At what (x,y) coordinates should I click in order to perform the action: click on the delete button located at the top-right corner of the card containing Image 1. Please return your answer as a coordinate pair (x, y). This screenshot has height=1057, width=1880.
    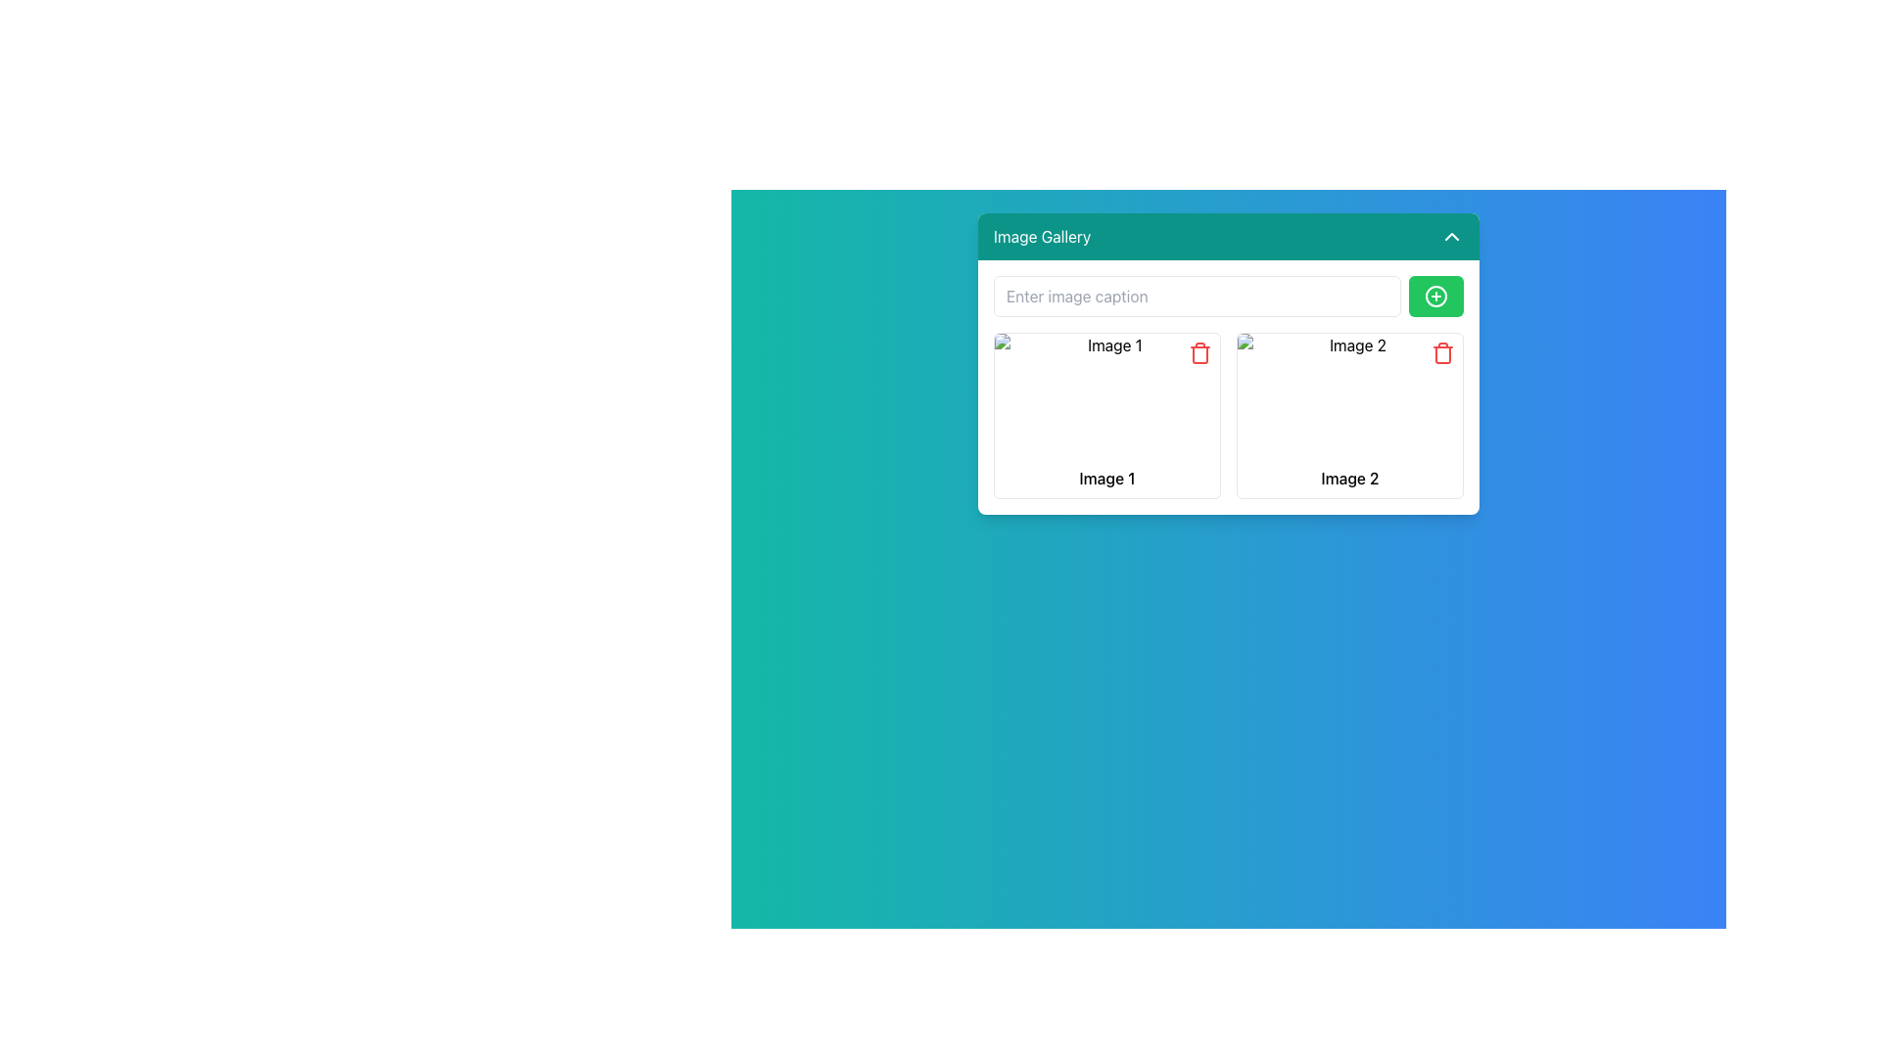
    Looking at the image, I should click on (1198, 353).